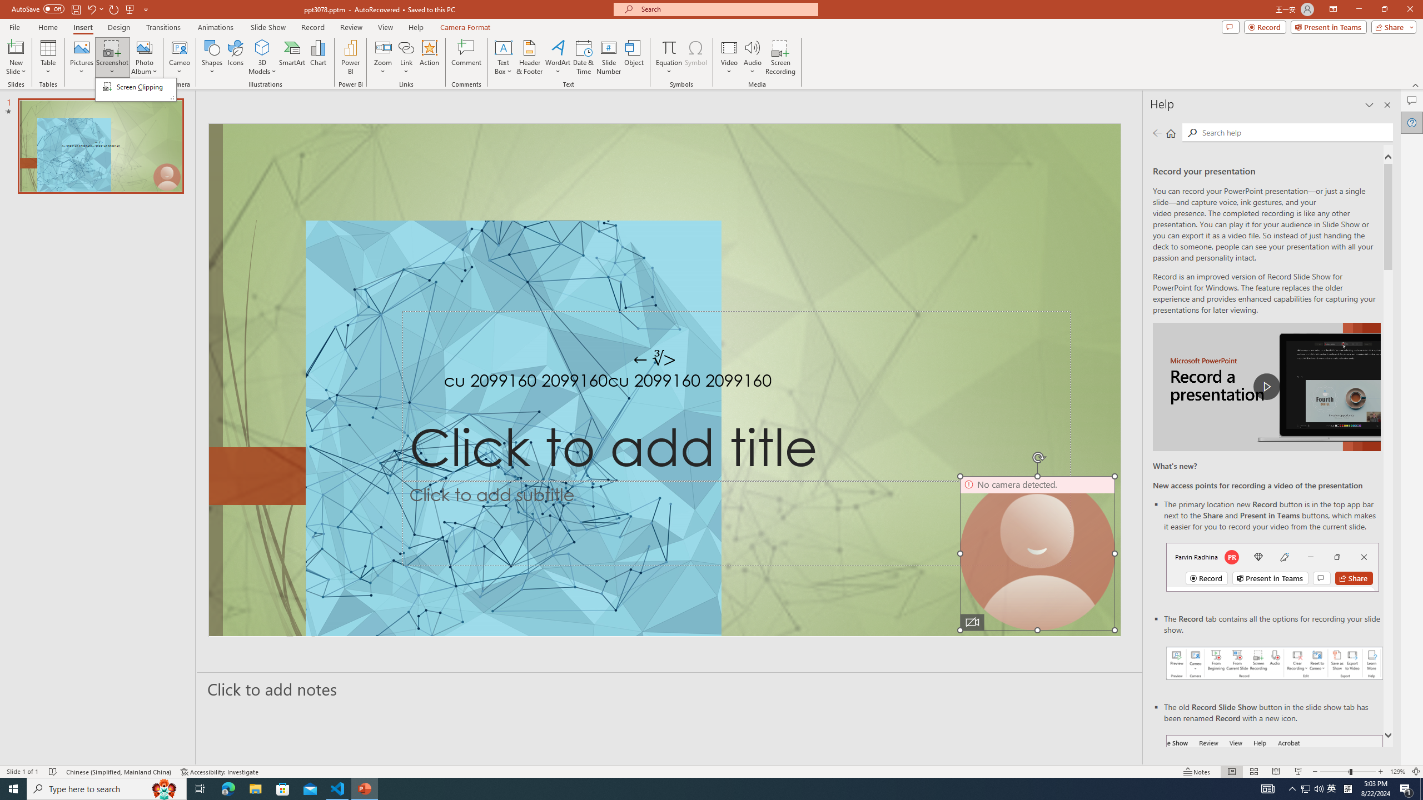 This screenshot has width=1423, height=800. What do you see at coordinates (143, 57) in the screenshot?
I see `'Photo Album...'` at bounding box center [143, 57].